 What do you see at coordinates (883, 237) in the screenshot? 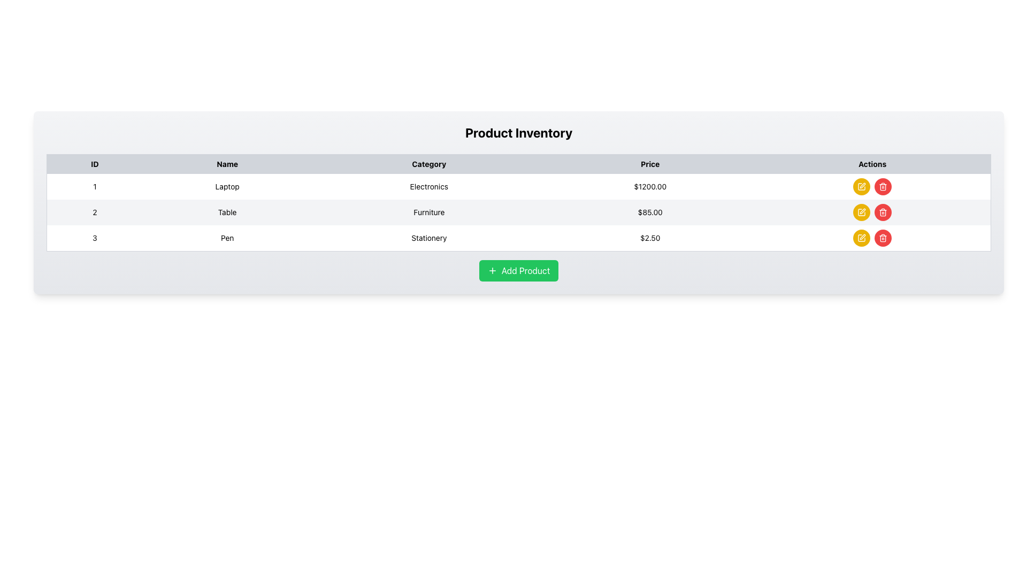
I see `the red circular delete button with a white trash bin icon located in the 'Actions' column of the third row of the table` at bounding box center [883, 237].